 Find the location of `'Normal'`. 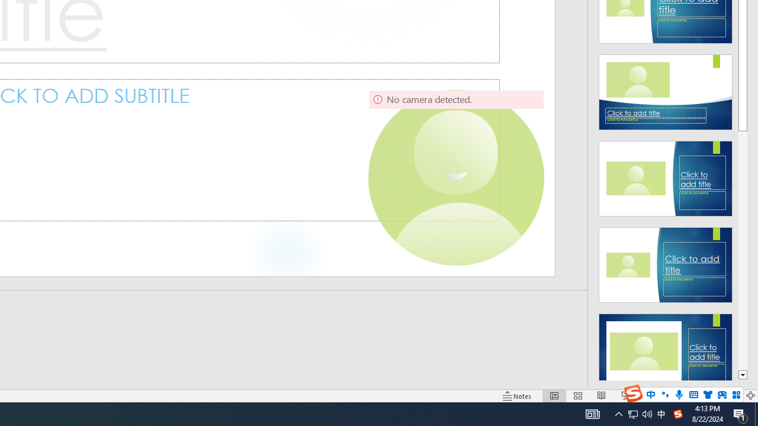

'Normal' is located at coordinates (554, 396).